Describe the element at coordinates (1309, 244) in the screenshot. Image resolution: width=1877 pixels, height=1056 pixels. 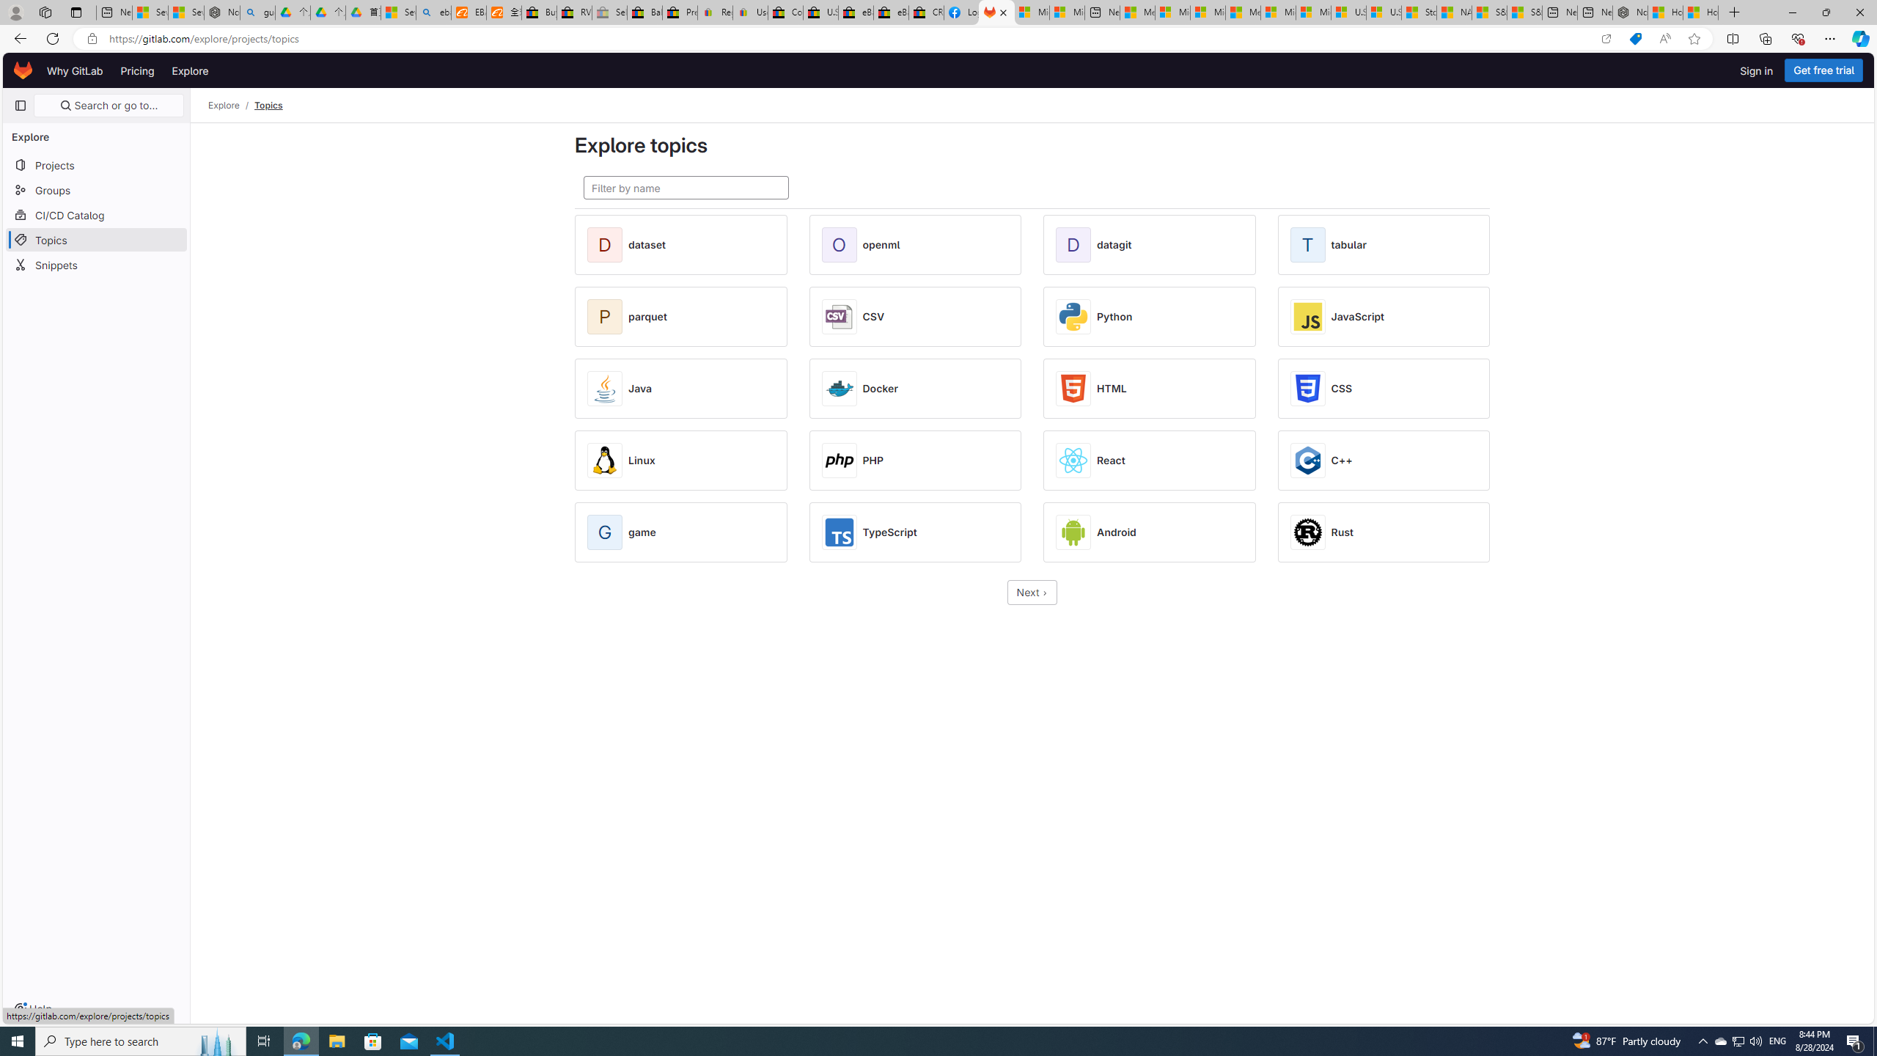
I see `'T'` at that location.